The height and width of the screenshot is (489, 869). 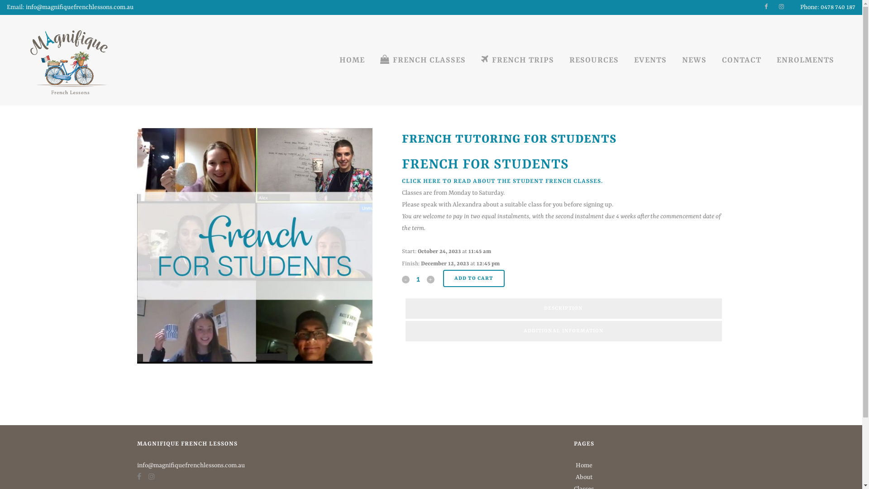 I want to click on 'Qty', so click(x=417, y=278).